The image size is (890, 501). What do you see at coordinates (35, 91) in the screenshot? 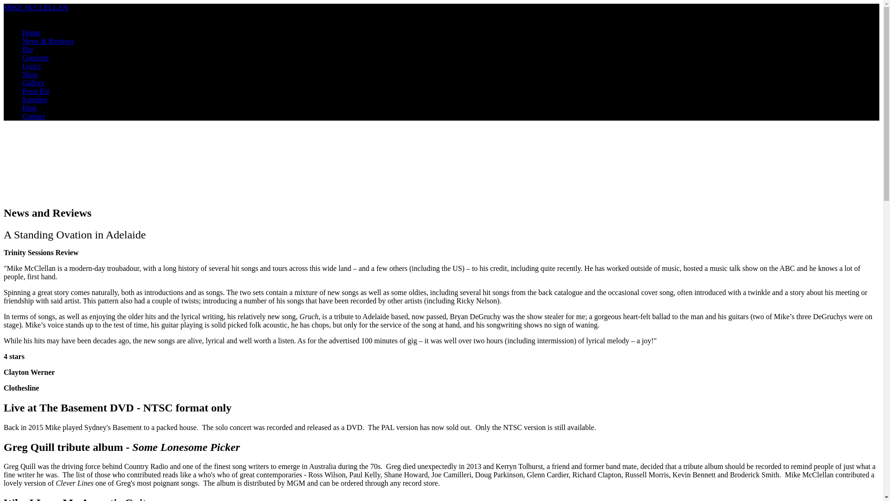
I see `'Press Kit'` at bounding box center [35, 91].